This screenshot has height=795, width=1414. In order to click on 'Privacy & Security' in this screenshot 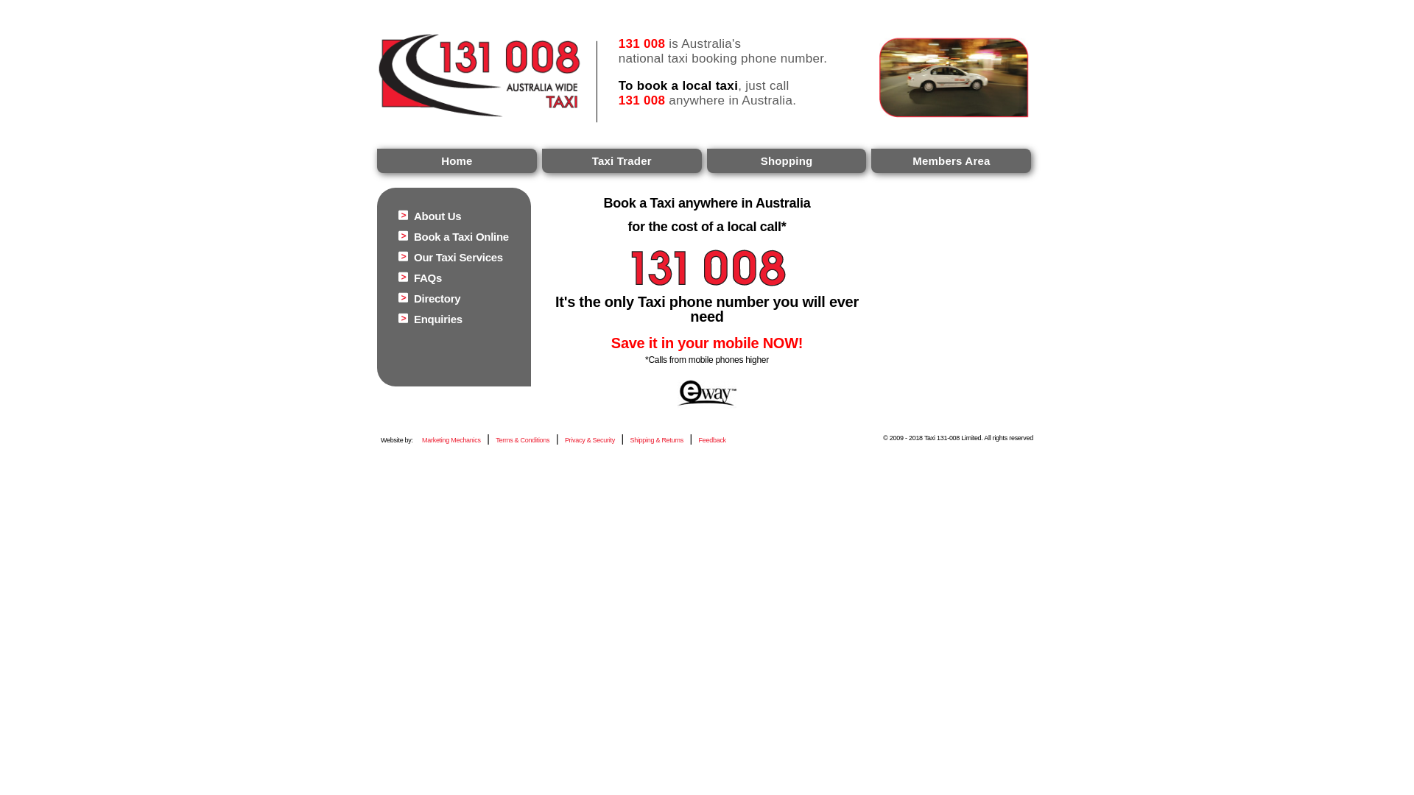, I will do `click(590, 439)`.